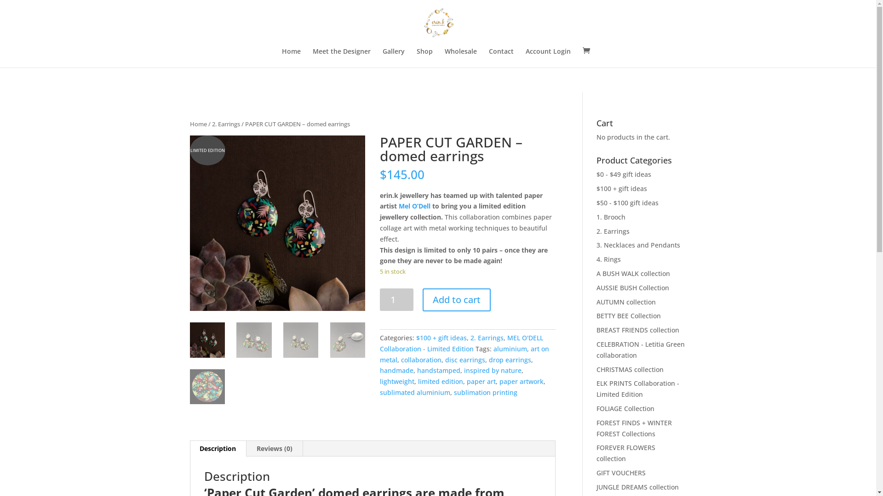 Image resolution: width=883 pixels, height=496 pixels. Describe the element at coordinates (629, 369) in the screenshot. I see `'CHRISTMAS collection'` at that location.